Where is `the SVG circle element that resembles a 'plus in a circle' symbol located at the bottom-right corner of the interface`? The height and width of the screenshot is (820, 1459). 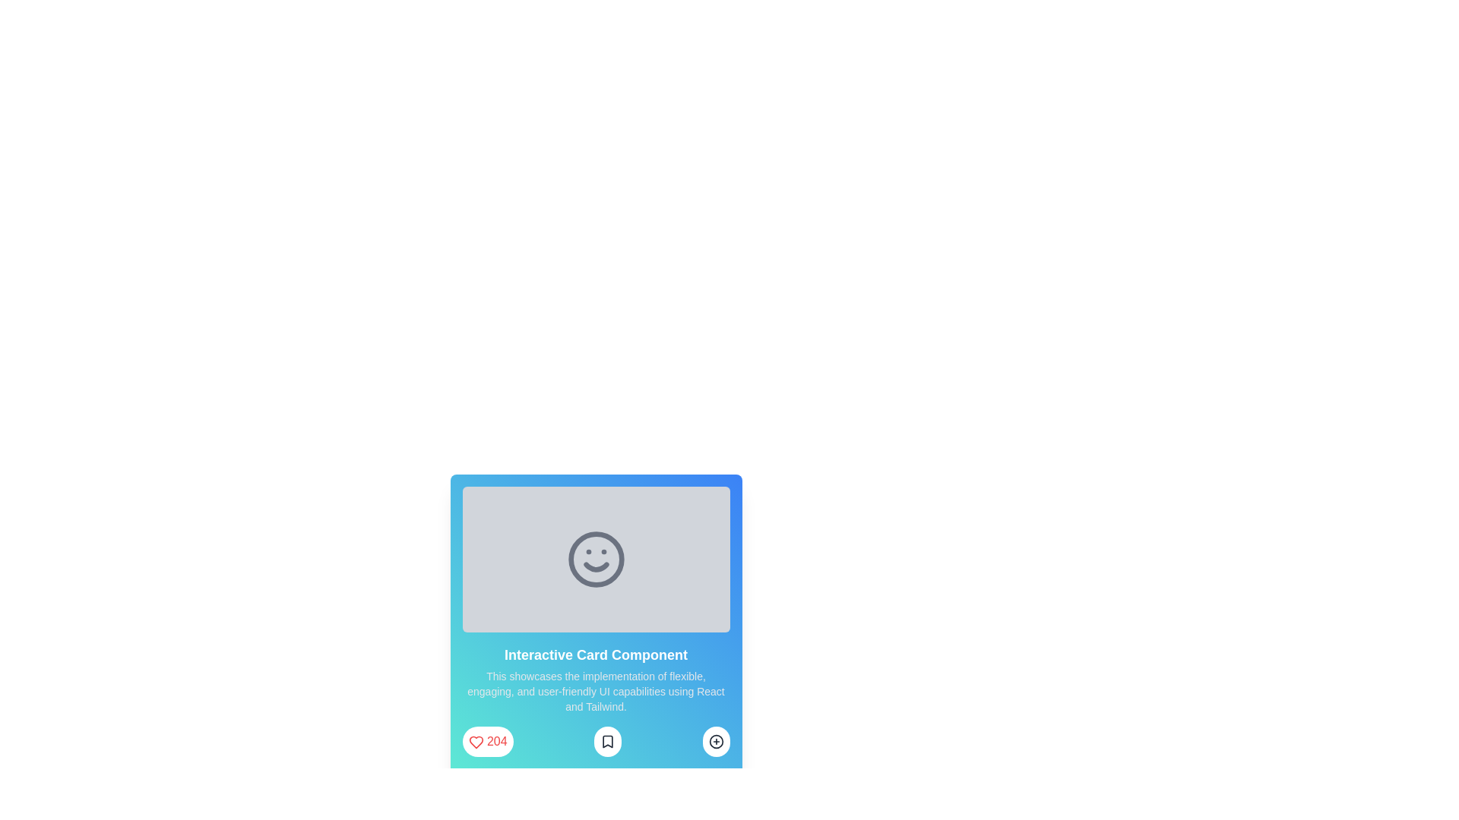
the SVG circle element that resembles a 'plus in a circle' symbol located at the bottom-right corner of the interface is located at coordinates (715, 740).